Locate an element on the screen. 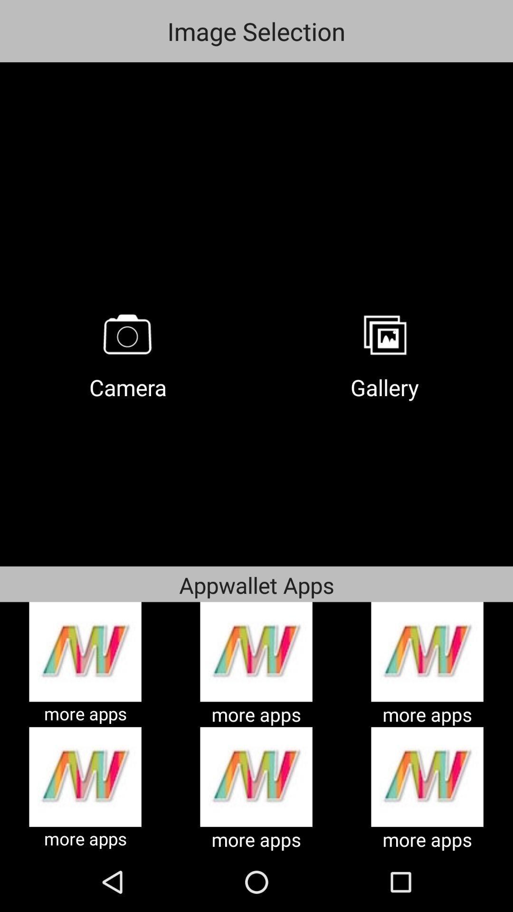 The width and height of the screenshot is (513, 912). the wallpaper icon is located at coordinates (385, 335).